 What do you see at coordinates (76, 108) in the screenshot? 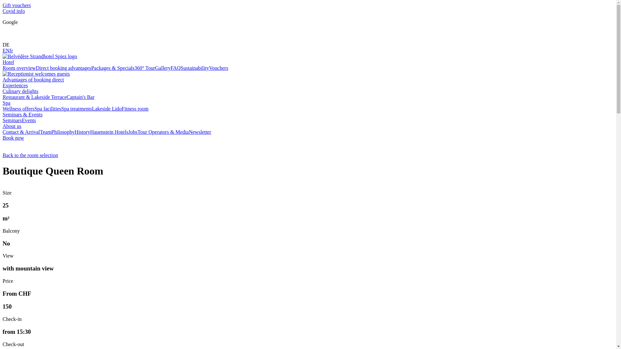
I see `'Spa treatments'` at bounding box center [76, 108].